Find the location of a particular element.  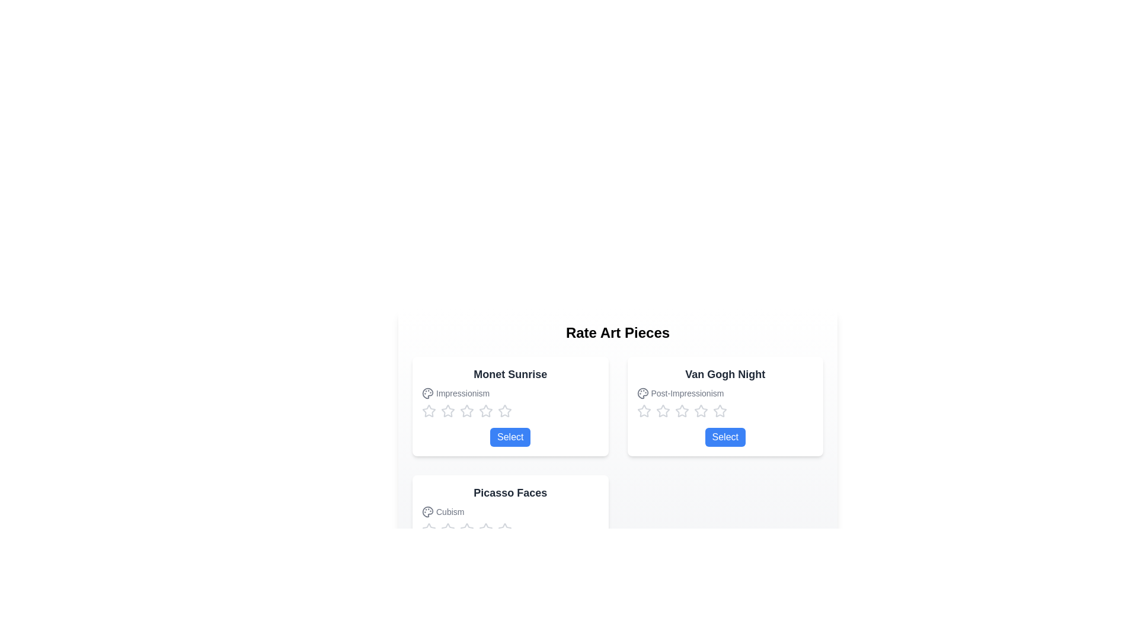

the blue rectangular button labeled 'Select' located at the bottom of the 'Monet Sunrise' art piece information card is located at coordinates (510, 437).